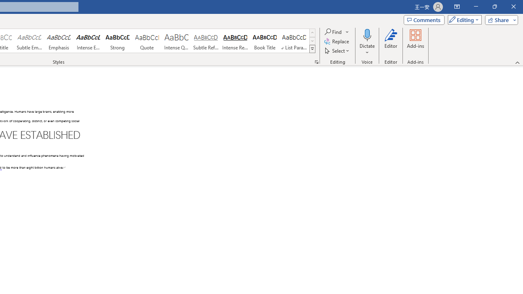  Describe the element at coordinates (176, 41) in the screenshot. I see `'Intense Quote'` at that location.